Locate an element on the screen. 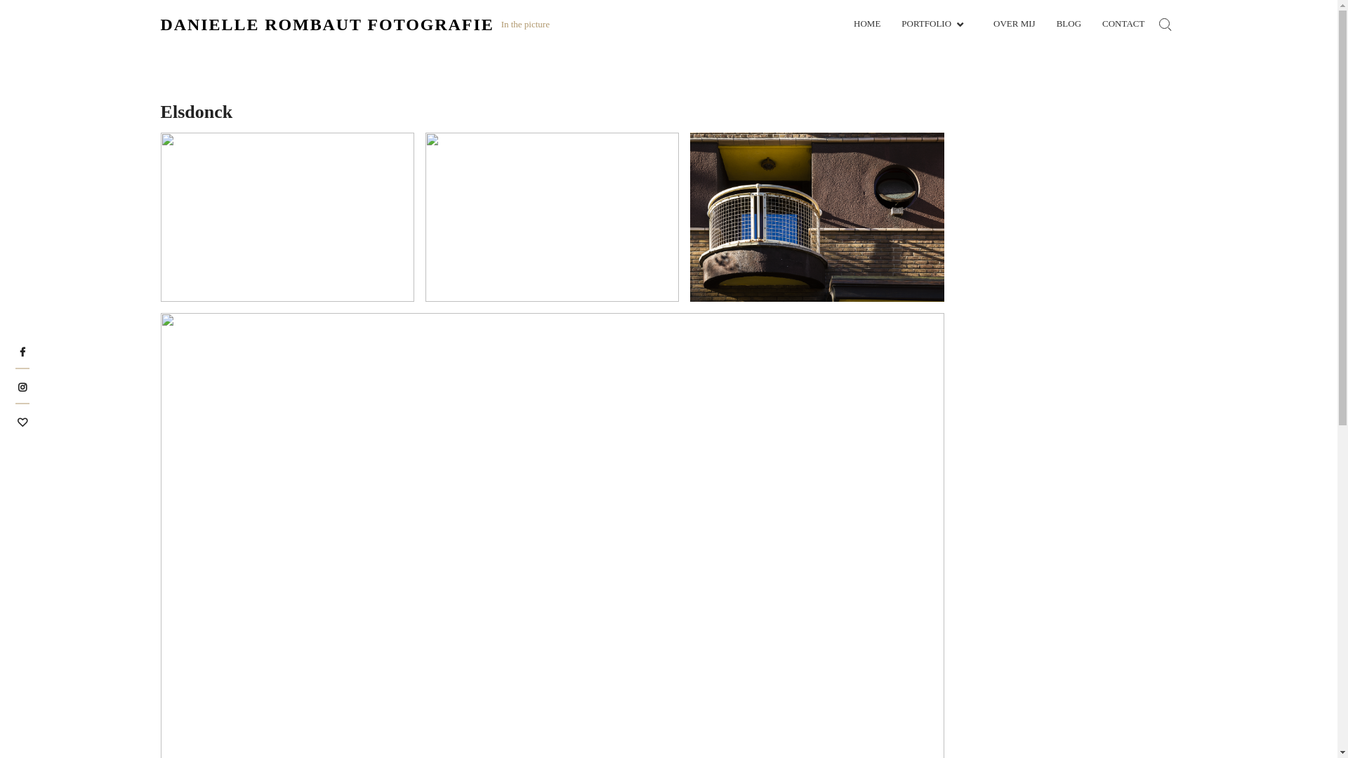 The width and height of the screenshot is (1348, 758). 'PORTFOLIO' is located at coordinates (937, 24).